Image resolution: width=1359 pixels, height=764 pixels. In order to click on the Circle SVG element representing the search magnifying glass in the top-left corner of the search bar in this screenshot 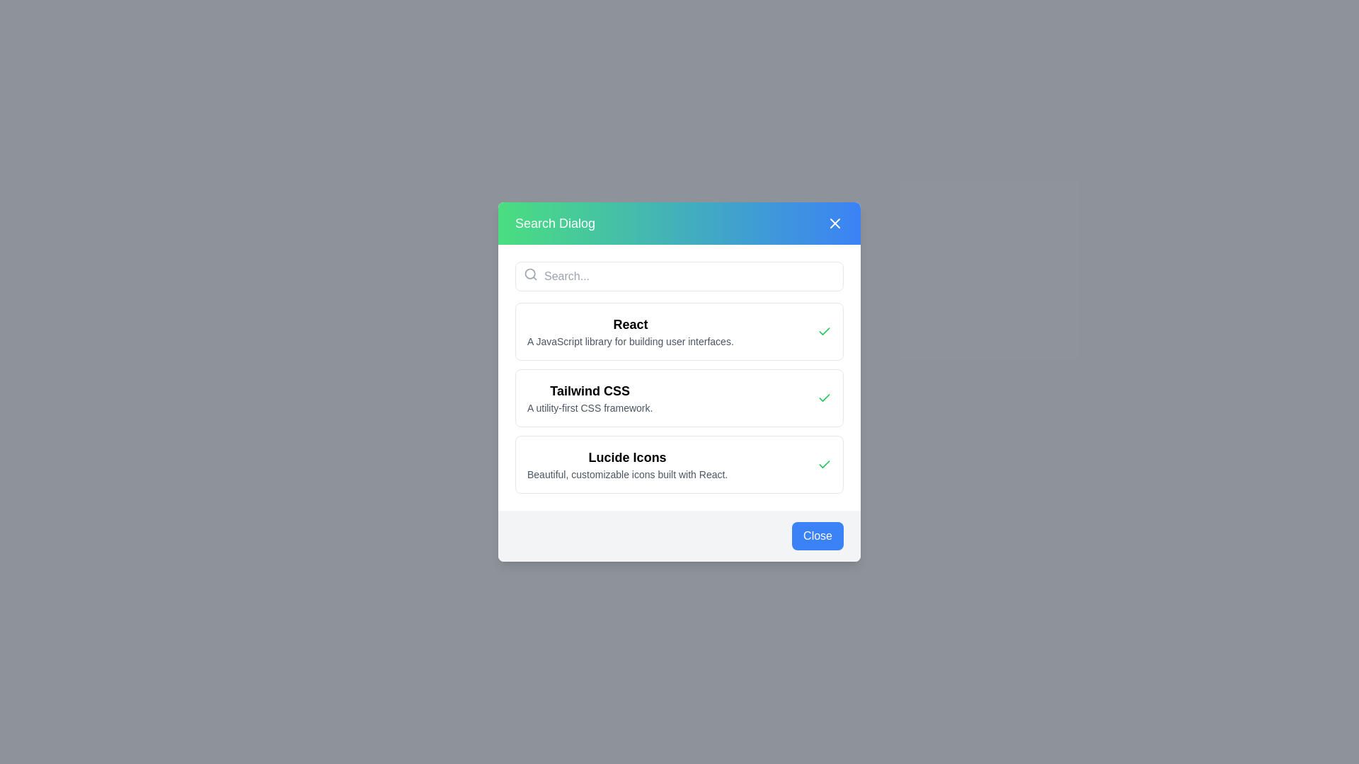, I will do `click(529, 274)`.